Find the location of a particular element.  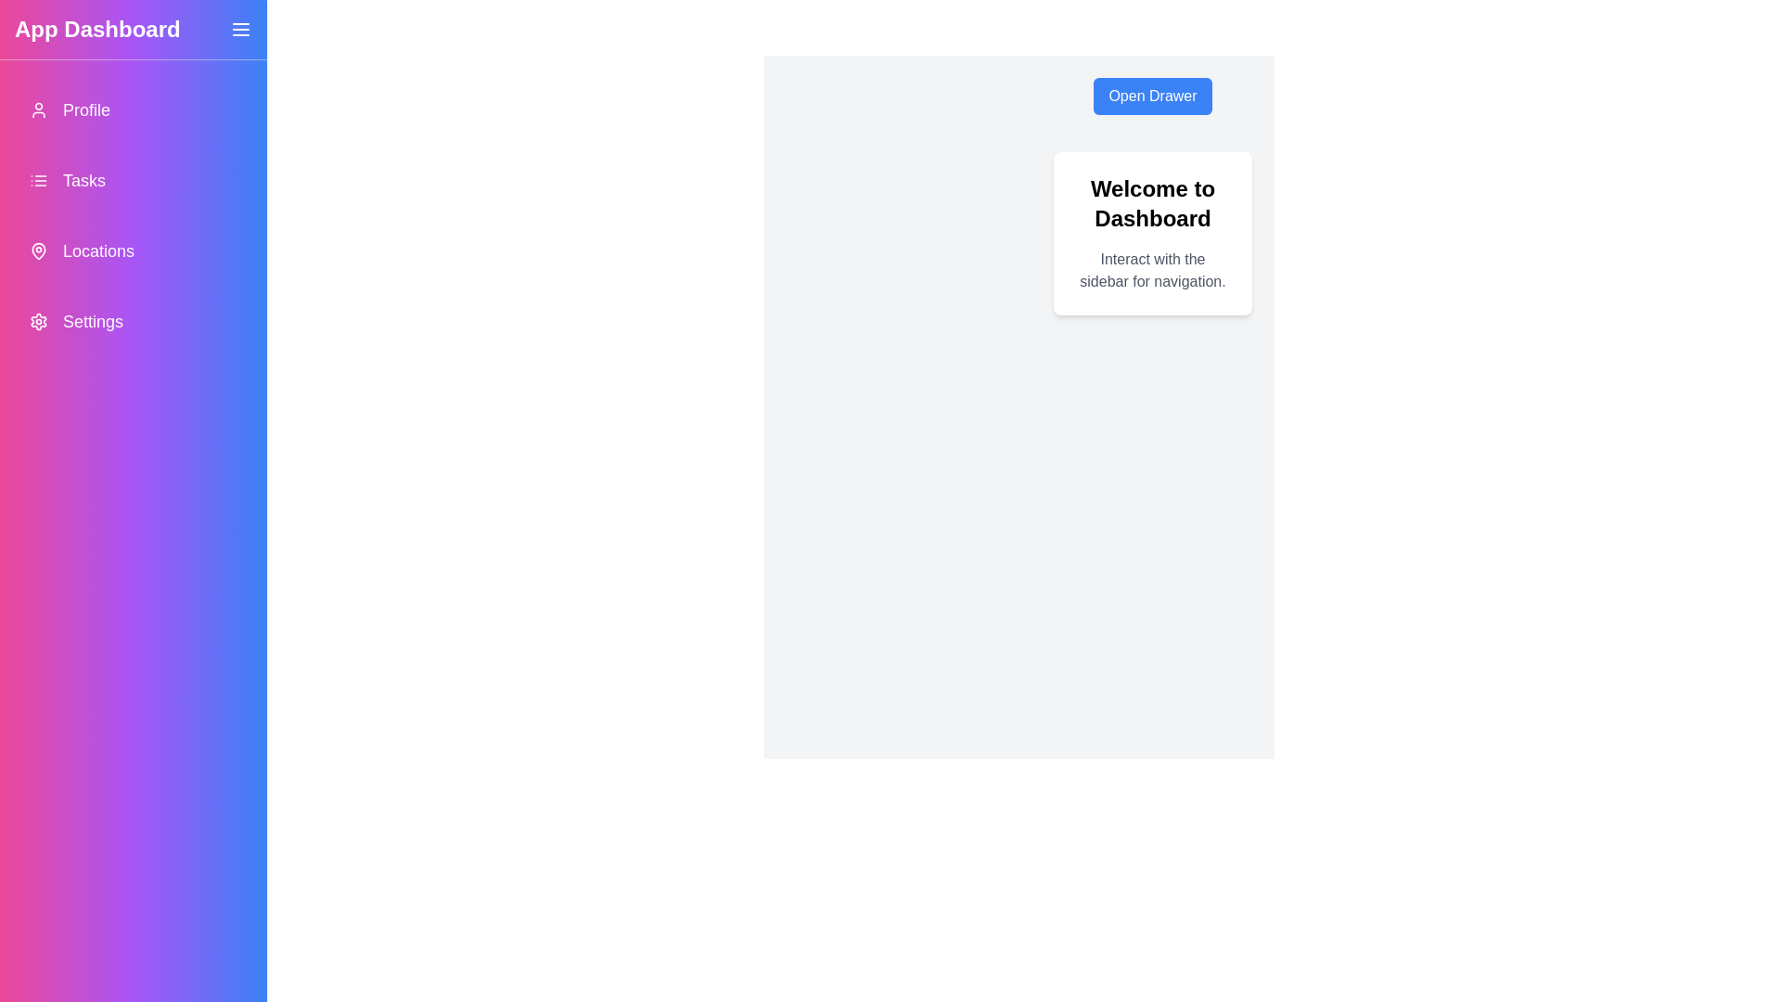

the navigation item labeled 'Locations' to observe its hover effect is located at coordinates (133, 250).